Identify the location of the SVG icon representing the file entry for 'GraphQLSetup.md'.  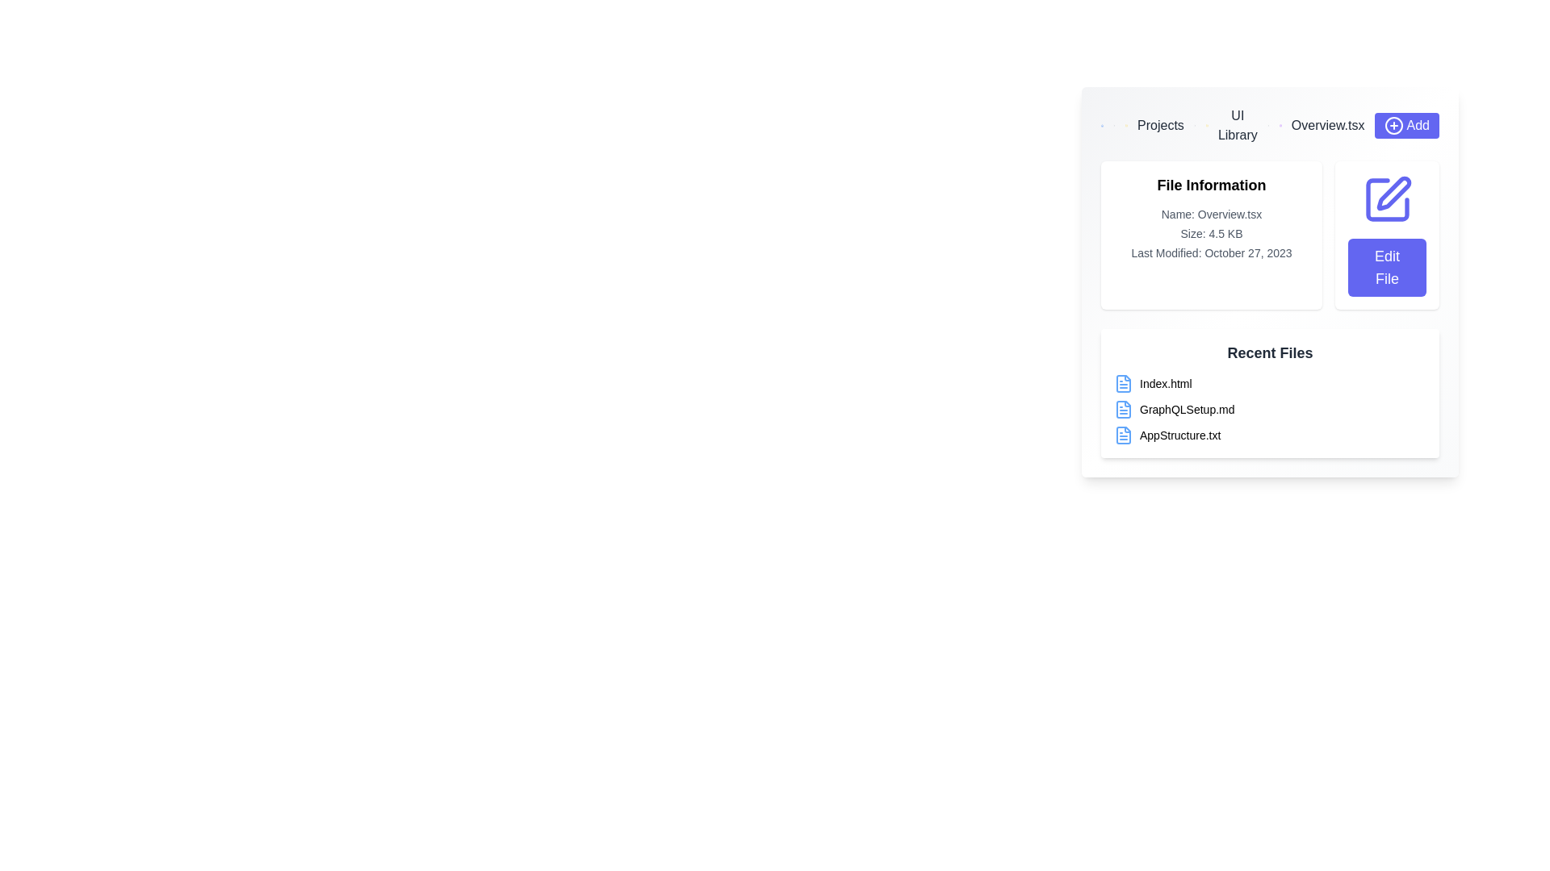
(1123, 409).